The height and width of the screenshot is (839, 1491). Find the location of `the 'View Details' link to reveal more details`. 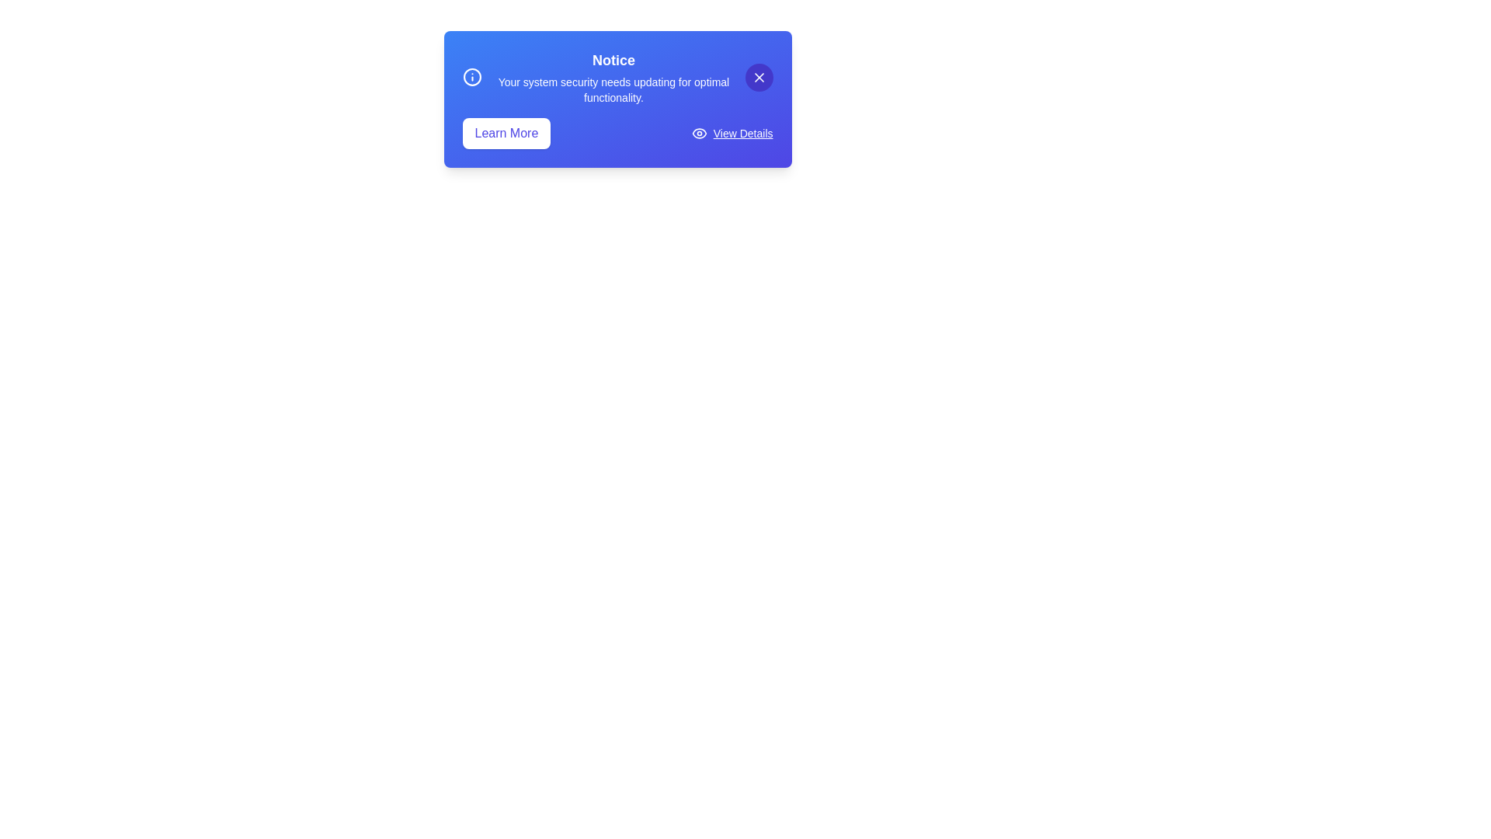

the 'View Details' link to reveal more details is located at coordinates (742, 133).